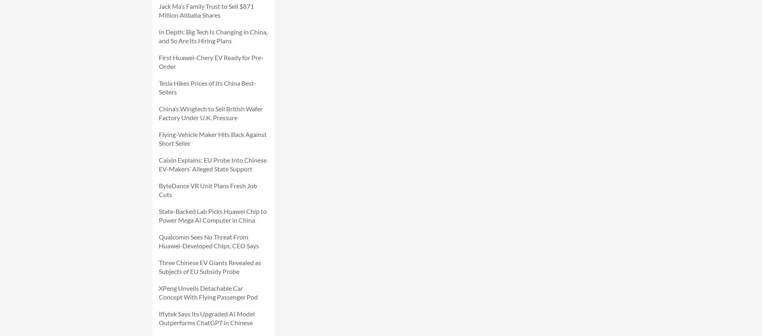 The image size is (762, 336). What do you see at coordinates (208, 189) in the screenshot?
I see `'ByteDance VR Unit Plans Fresh Job Cuts'` at bounding box center [208, 189].